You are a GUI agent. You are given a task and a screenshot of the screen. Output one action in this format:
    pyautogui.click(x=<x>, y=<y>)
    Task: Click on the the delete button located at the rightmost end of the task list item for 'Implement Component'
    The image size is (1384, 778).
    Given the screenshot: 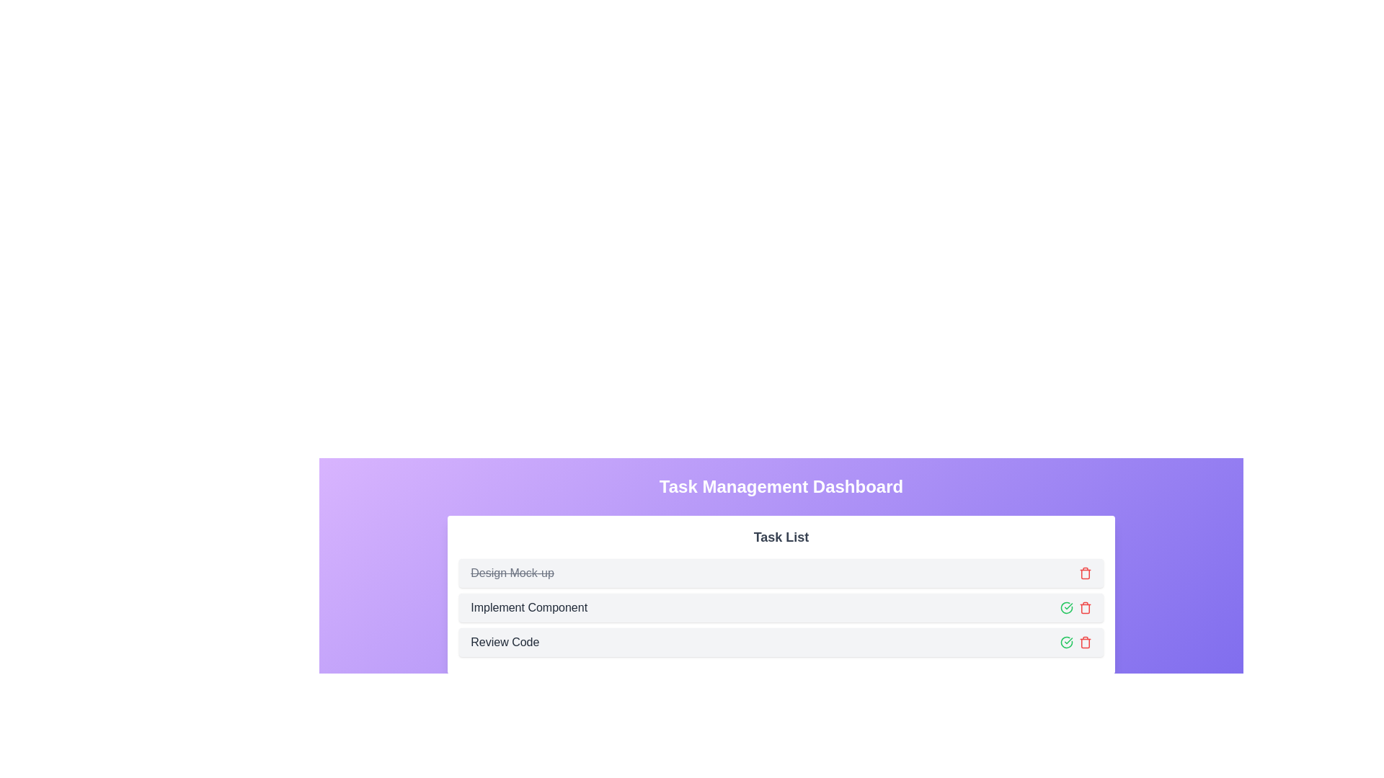 What is the action you would take?
    pyautogui.click(x=1085, y=641)
    